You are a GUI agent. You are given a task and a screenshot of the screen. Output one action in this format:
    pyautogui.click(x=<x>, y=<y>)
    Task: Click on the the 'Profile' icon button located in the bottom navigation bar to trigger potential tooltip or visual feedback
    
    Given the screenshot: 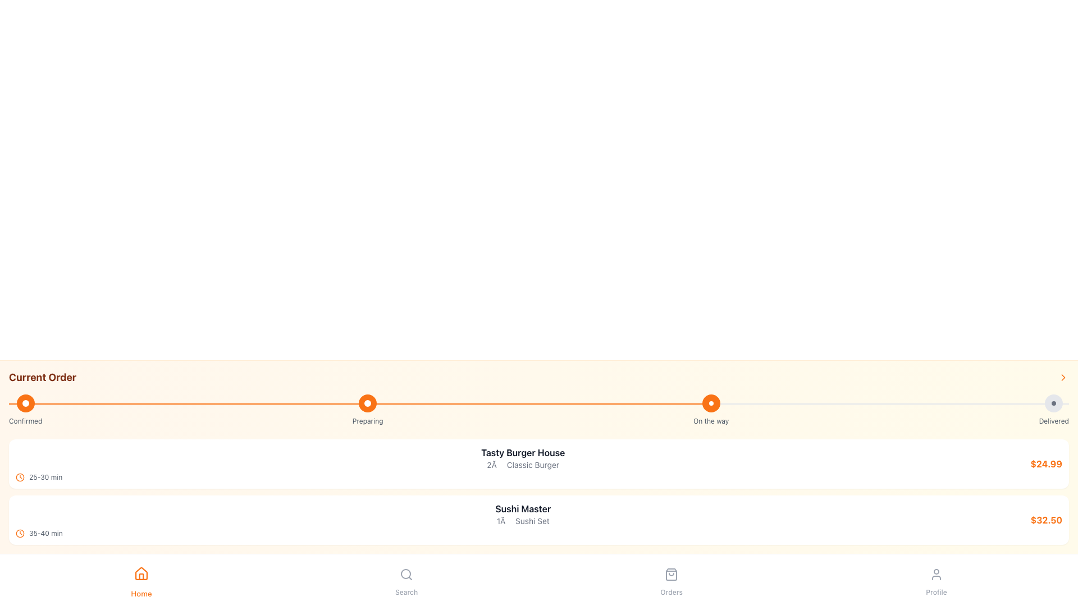 What is the action you would take?
    pyautogui.click(x=937, y=574)
    